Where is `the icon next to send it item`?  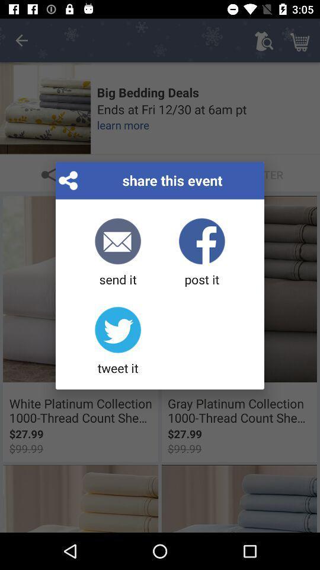 the icon next to send it item is located at coordinates (201, 253).